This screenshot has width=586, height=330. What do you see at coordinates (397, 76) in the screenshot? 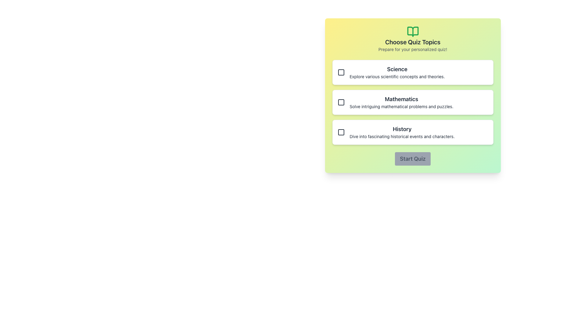
I see `the descriptive text element located beneath the bold heading 'Science' in the quiz topic selection area` at bounding box center [397, 76].